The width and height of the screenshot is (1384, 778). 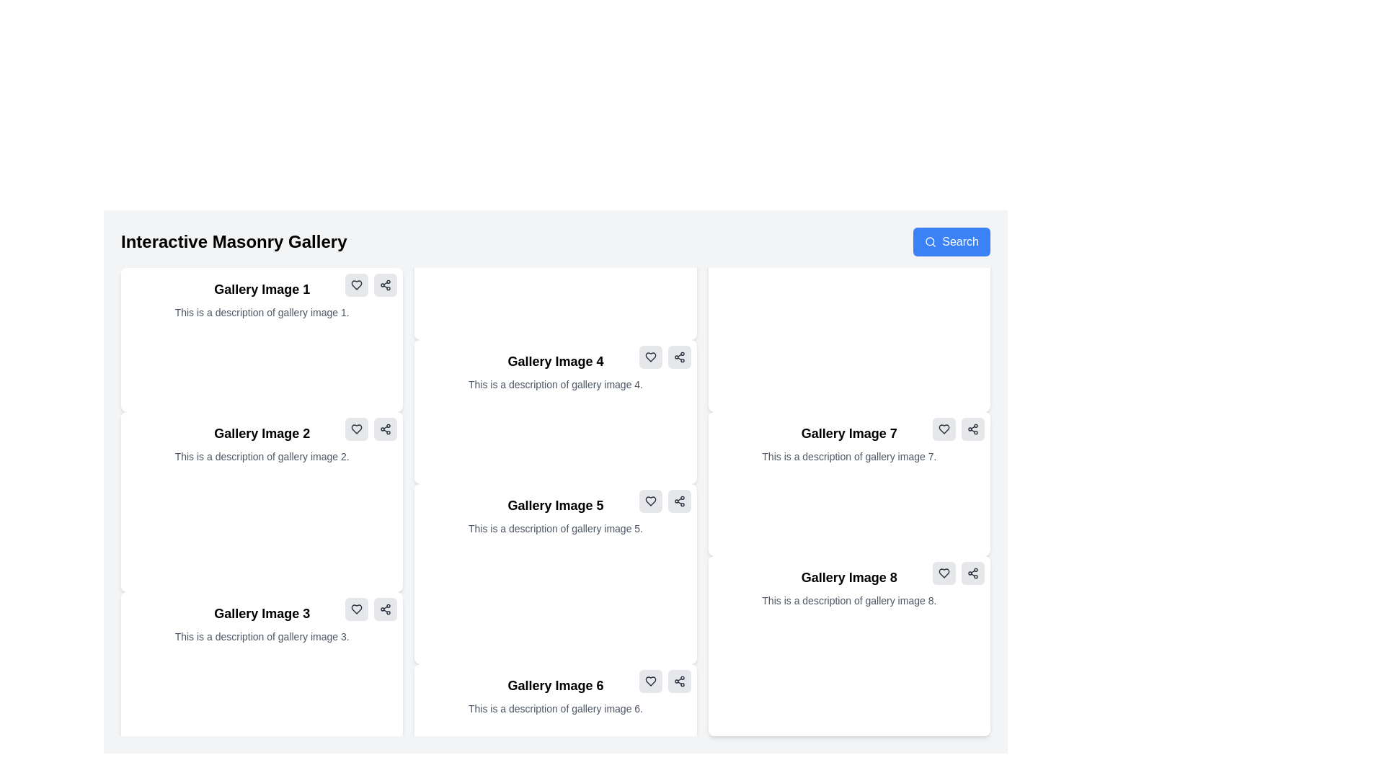 What do you see at coordinates (262, 299) in the screenshot?
I see `title 'Gallery Image 1' and the description 'This is a description of gallery image 1.' from the composite text block located in the first column and first row of the masonry gallery layout` at bounding box center [262, 299].